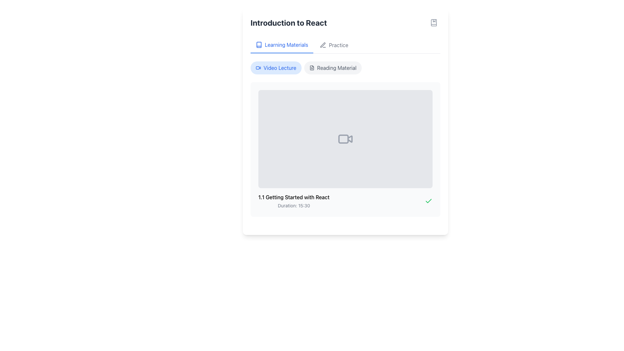 This screenshot has width=624, height=351. Describe the element at coordinates (429, 200) in the screenshot. I see `the completion icon for the item '1.1 Getting Started with React', located to the right of the video thumbnail and aligned with the duration text` at that location.